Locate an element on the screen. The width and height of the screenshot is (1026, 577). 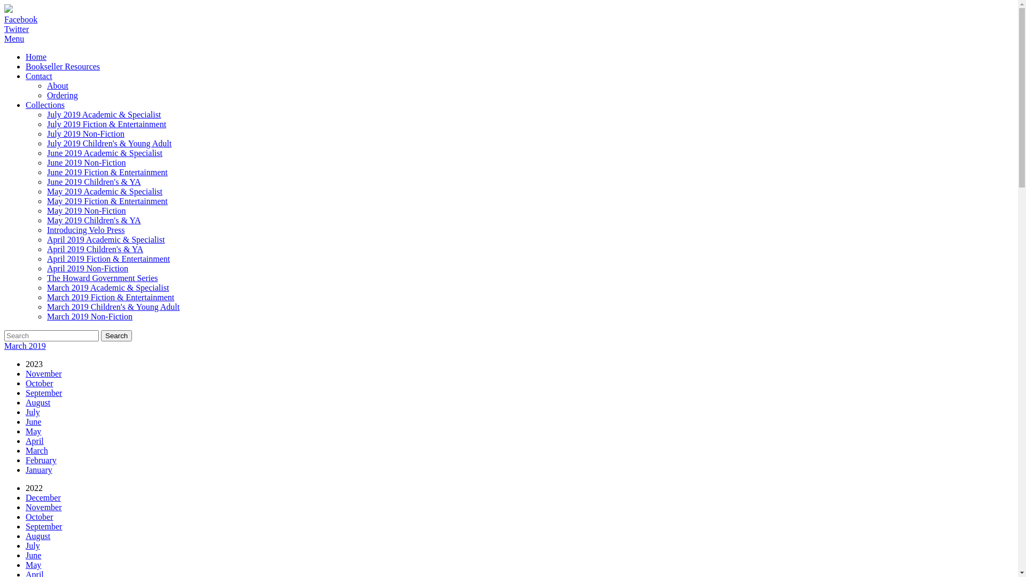
'November' is located at coordinates (43, 373).